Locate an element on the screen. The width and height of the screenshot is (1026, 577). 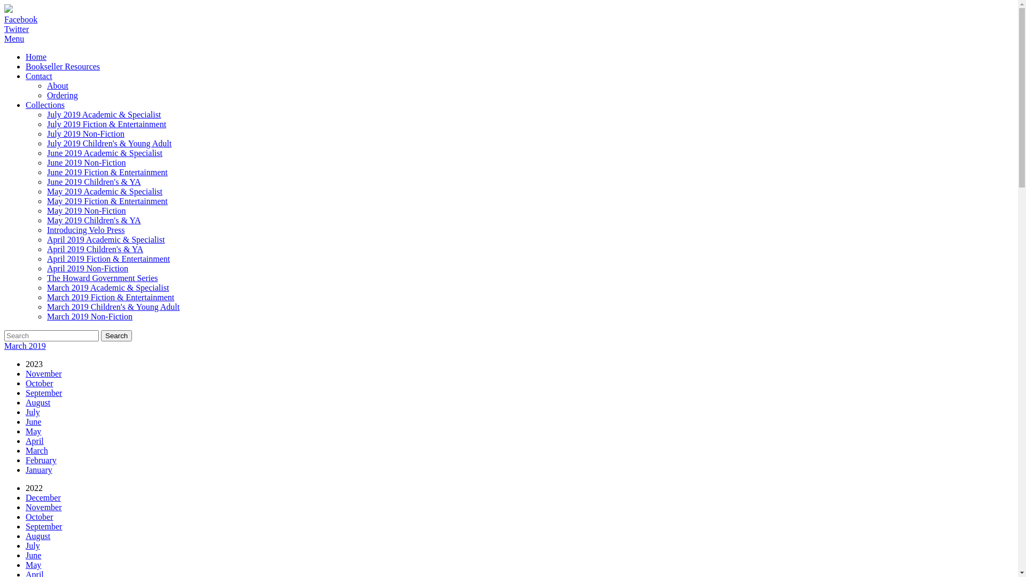
'November' is located at coordinates (43, 373).